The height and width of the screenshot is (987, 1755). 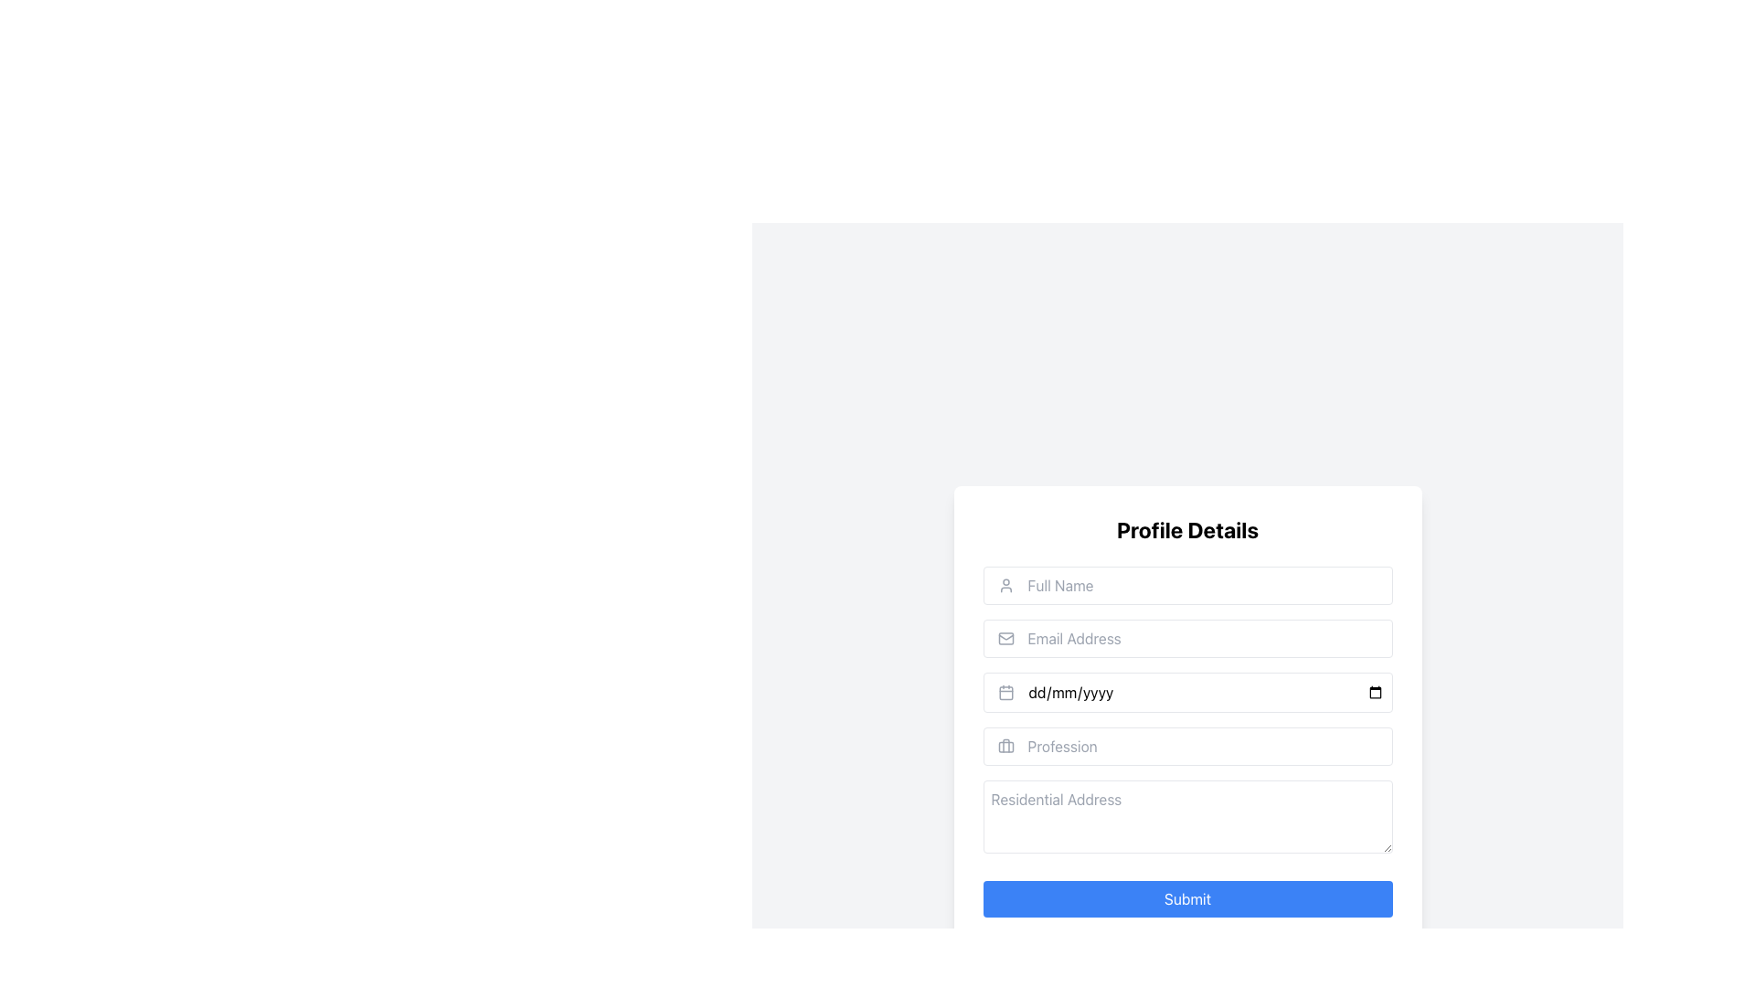 What do you see at coordinates (1005, 637) in the screenshot?
I see `the decorative graphical rectangle within the SVG envelope icon located to the left of the 'Email Address' input field in the 'Profile Details' form` at bounding box center [1005, 637].